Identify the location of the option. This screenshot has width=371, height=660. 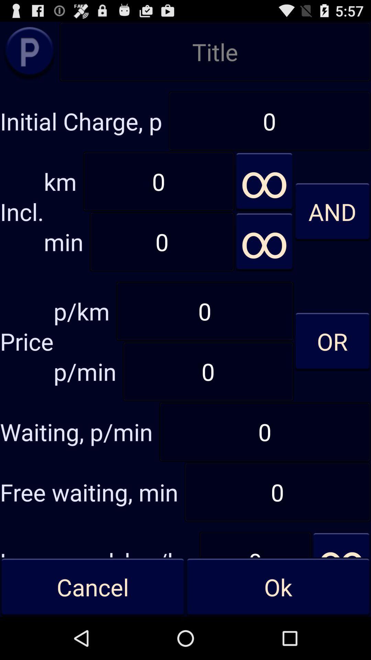
(29, 51).